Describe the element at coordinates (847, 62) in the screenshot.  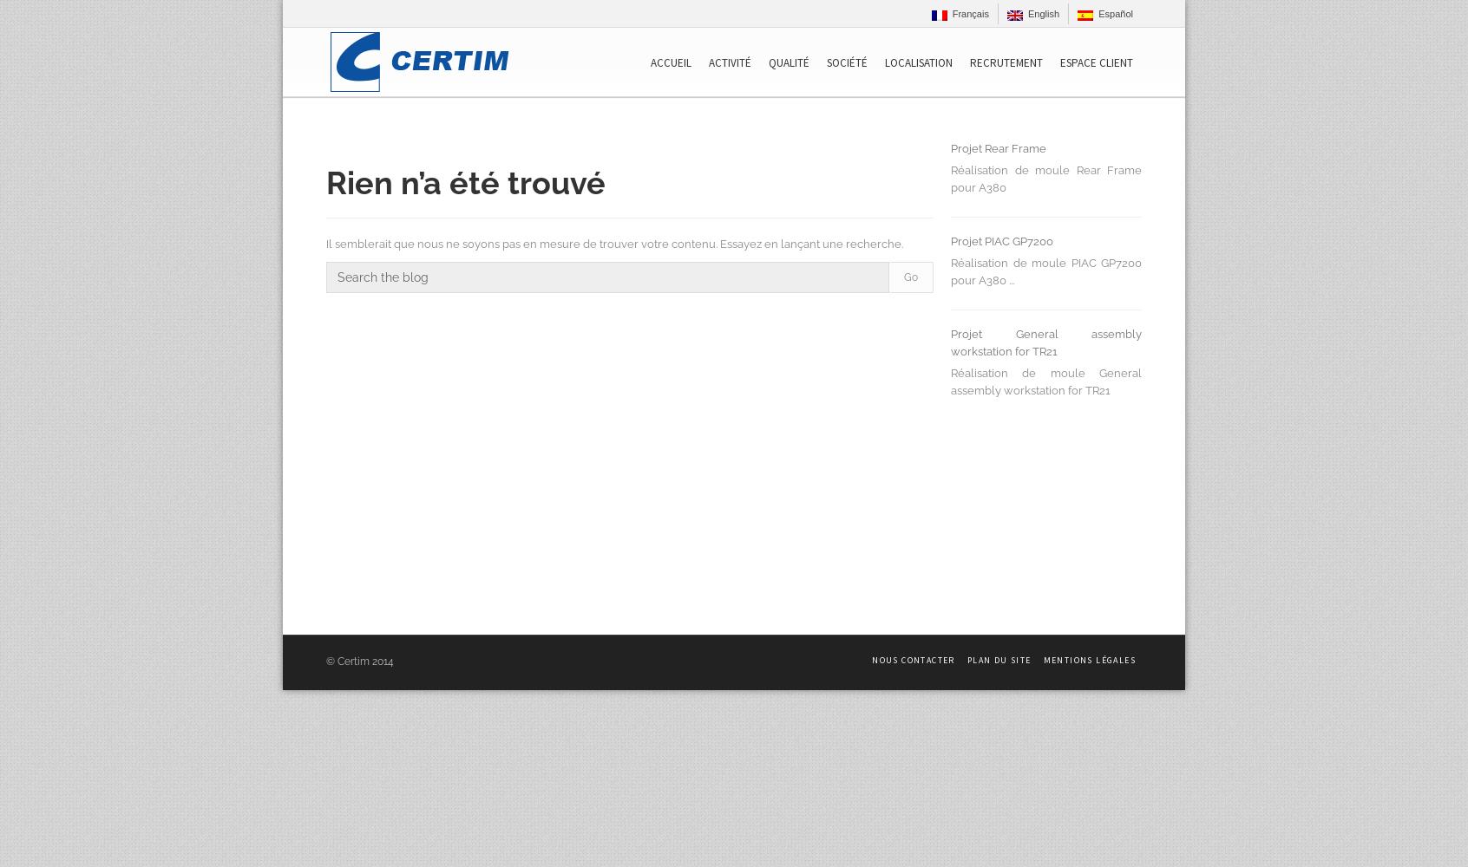
I see `'Société'` at that location.